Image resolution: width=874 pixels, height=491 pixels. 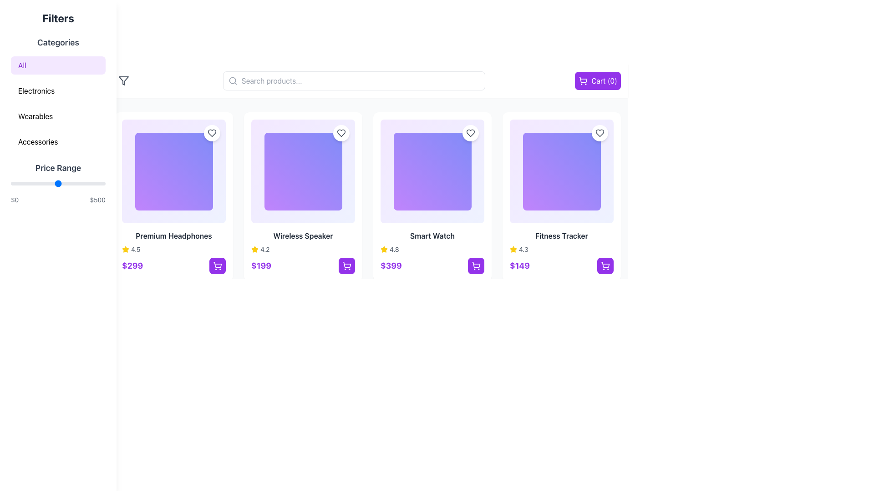 I want to click on the favorite button located at the top-right corner of the 'Smart Watch' product card, so click(x=470, y=133).